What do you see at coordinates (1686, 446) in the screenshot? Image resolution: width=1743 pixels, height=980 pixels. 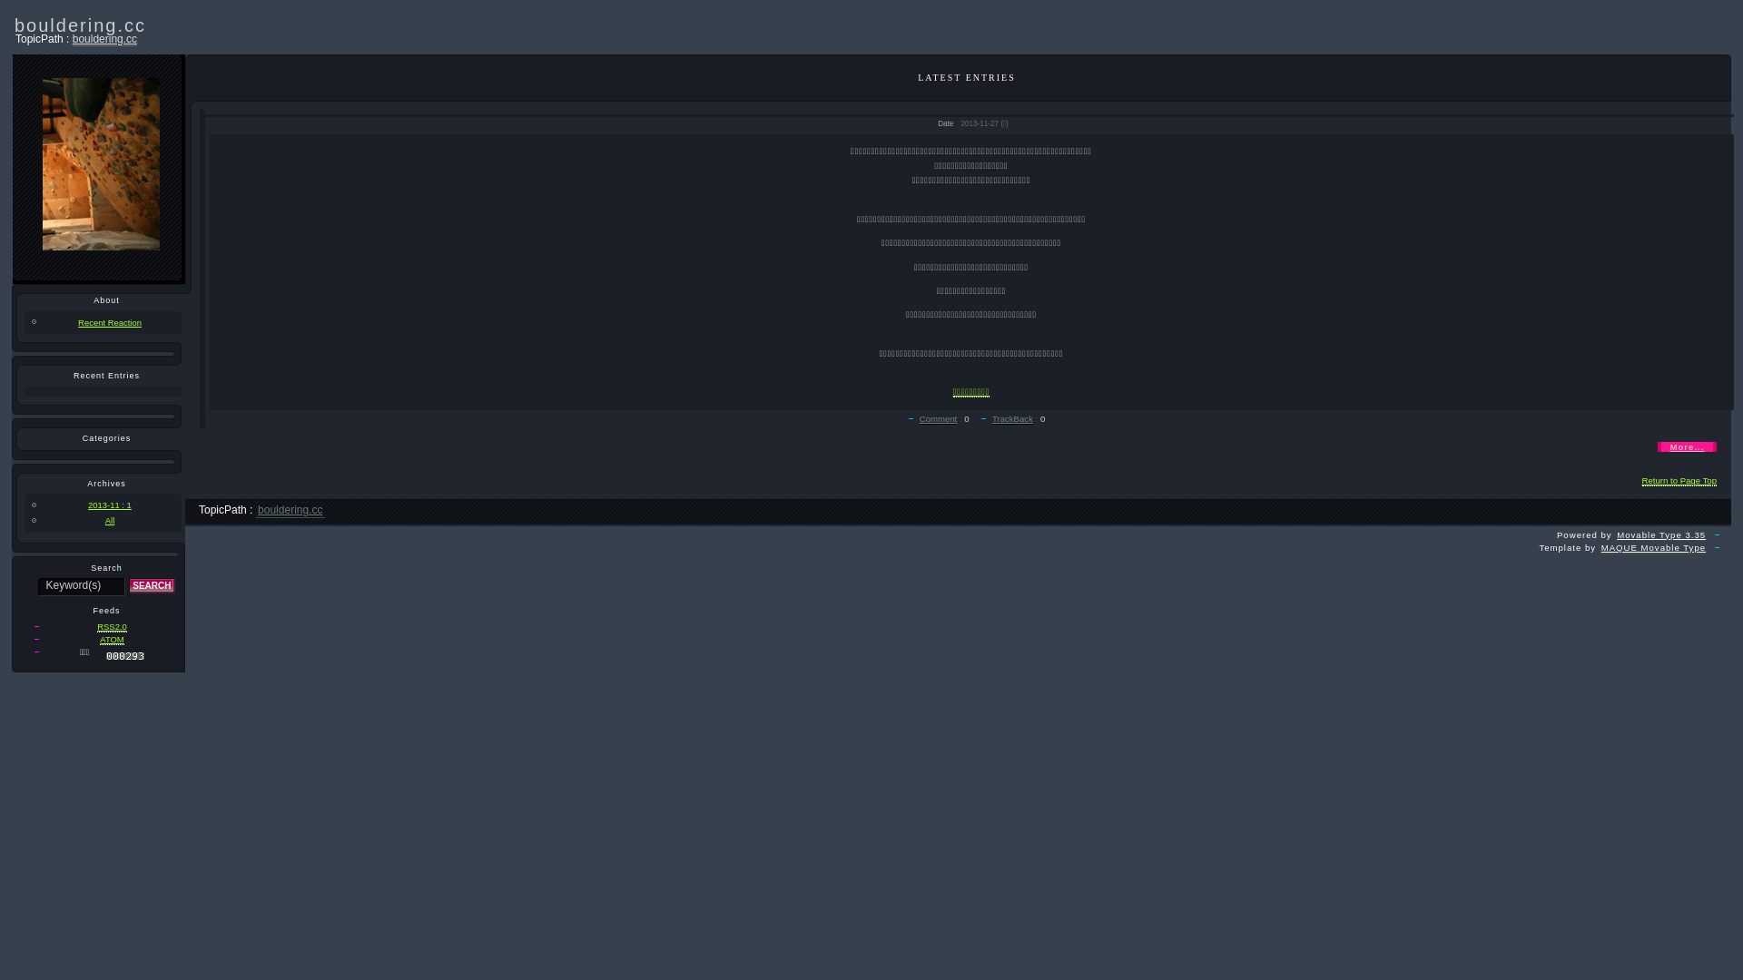 I see `'More...'` at bounding box center [1686, 446].